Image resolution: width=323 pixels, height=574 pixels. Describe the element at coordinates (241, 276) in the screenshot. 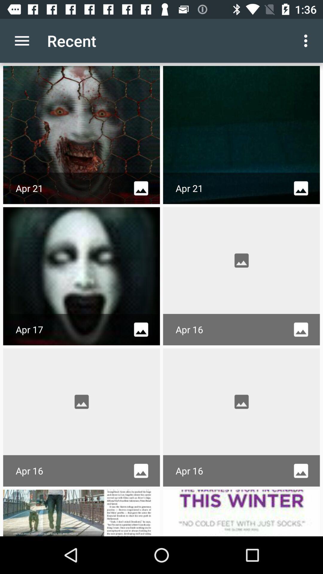

I see `second row second frame` at that location.